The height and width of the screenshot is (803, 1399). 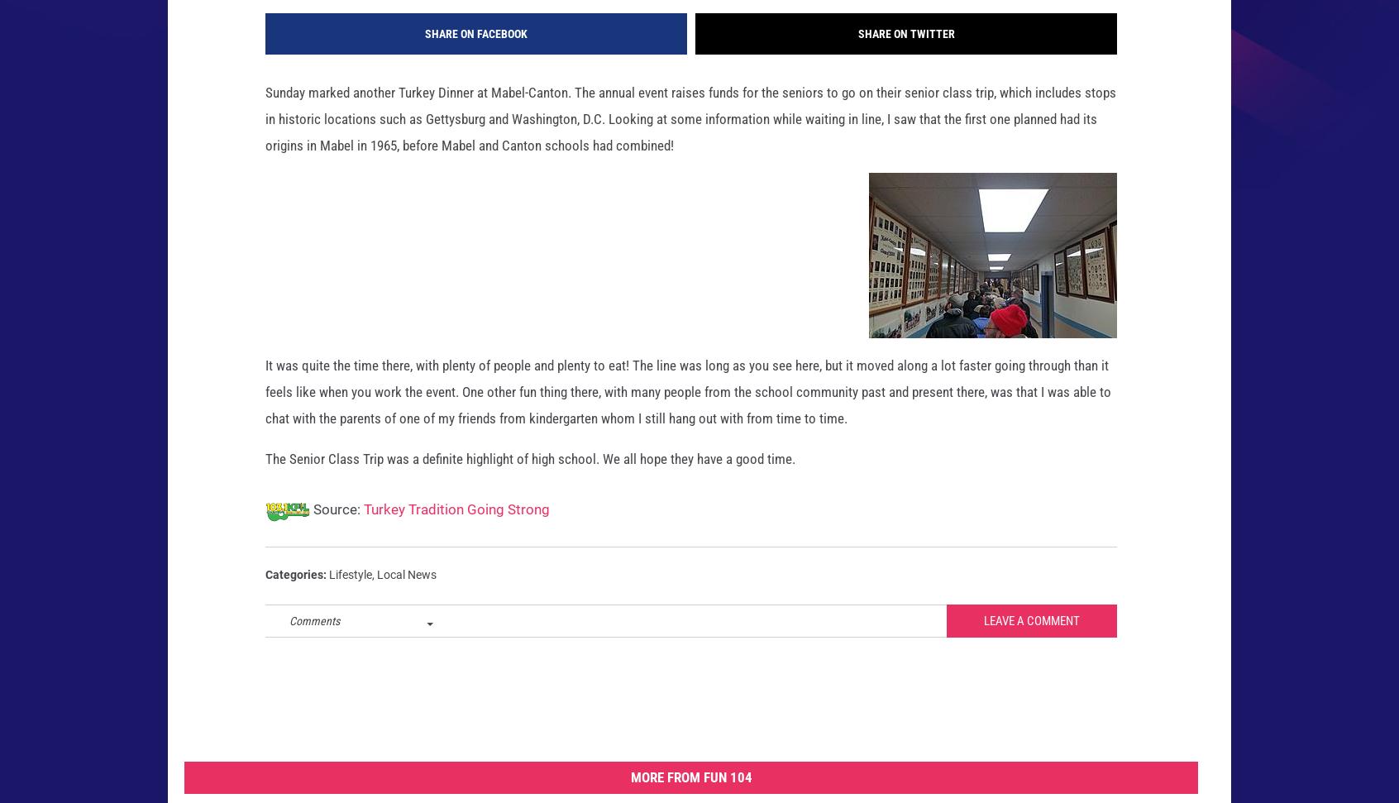 What do you see at coordinates (323, 600) in the screenshot?
I see `':'` at bounding box center [323, 600].